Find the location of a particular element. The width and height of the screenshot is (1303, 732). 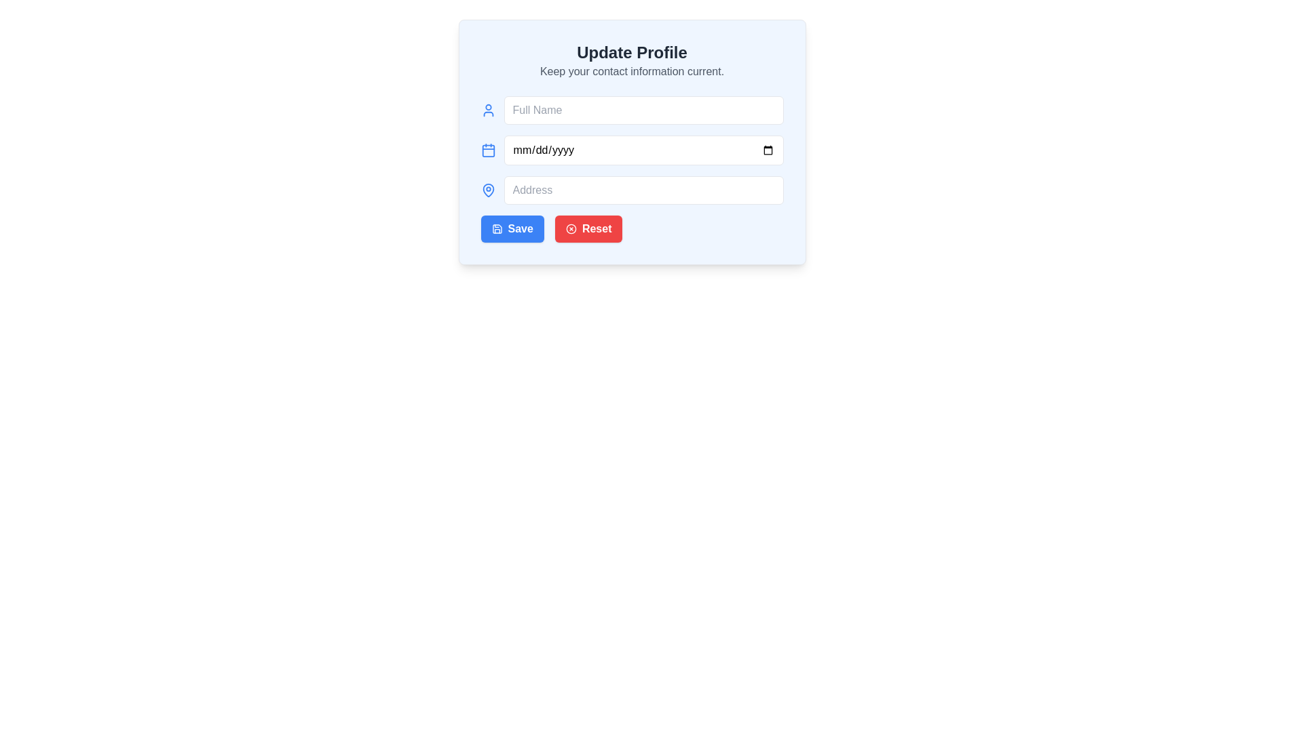

the decorative SVG icon indicating geographical or locational information adjacent to the 'Address' input field for additional info is located at coordinates (488, 190).